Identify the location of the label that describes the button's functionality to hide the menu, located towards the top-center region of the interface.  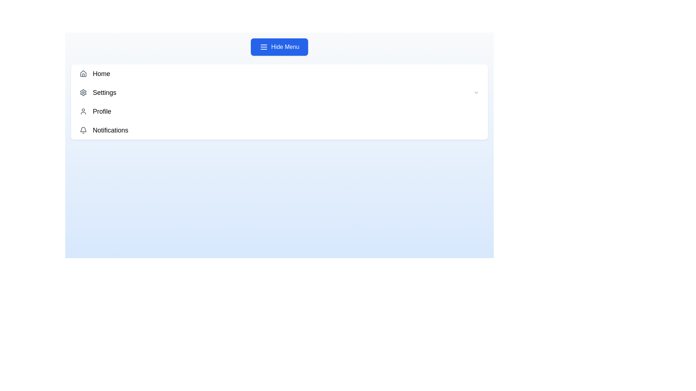
(285, 47).